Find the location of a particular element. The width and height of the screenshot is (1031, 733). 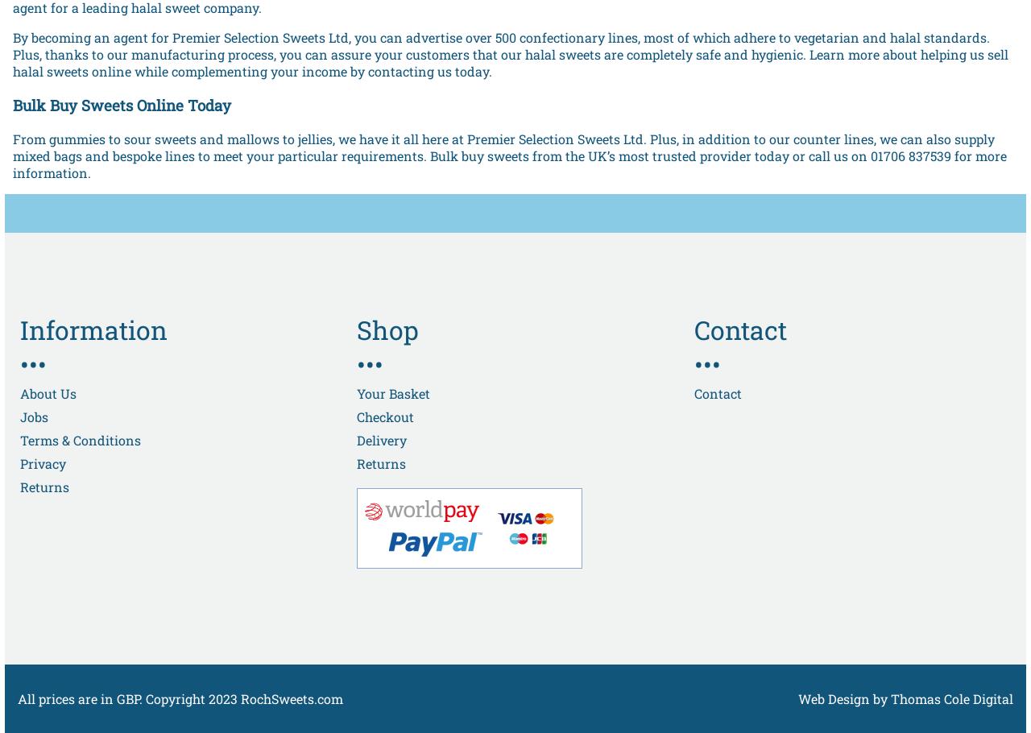

'Information' is located at coordinates (93, 328).